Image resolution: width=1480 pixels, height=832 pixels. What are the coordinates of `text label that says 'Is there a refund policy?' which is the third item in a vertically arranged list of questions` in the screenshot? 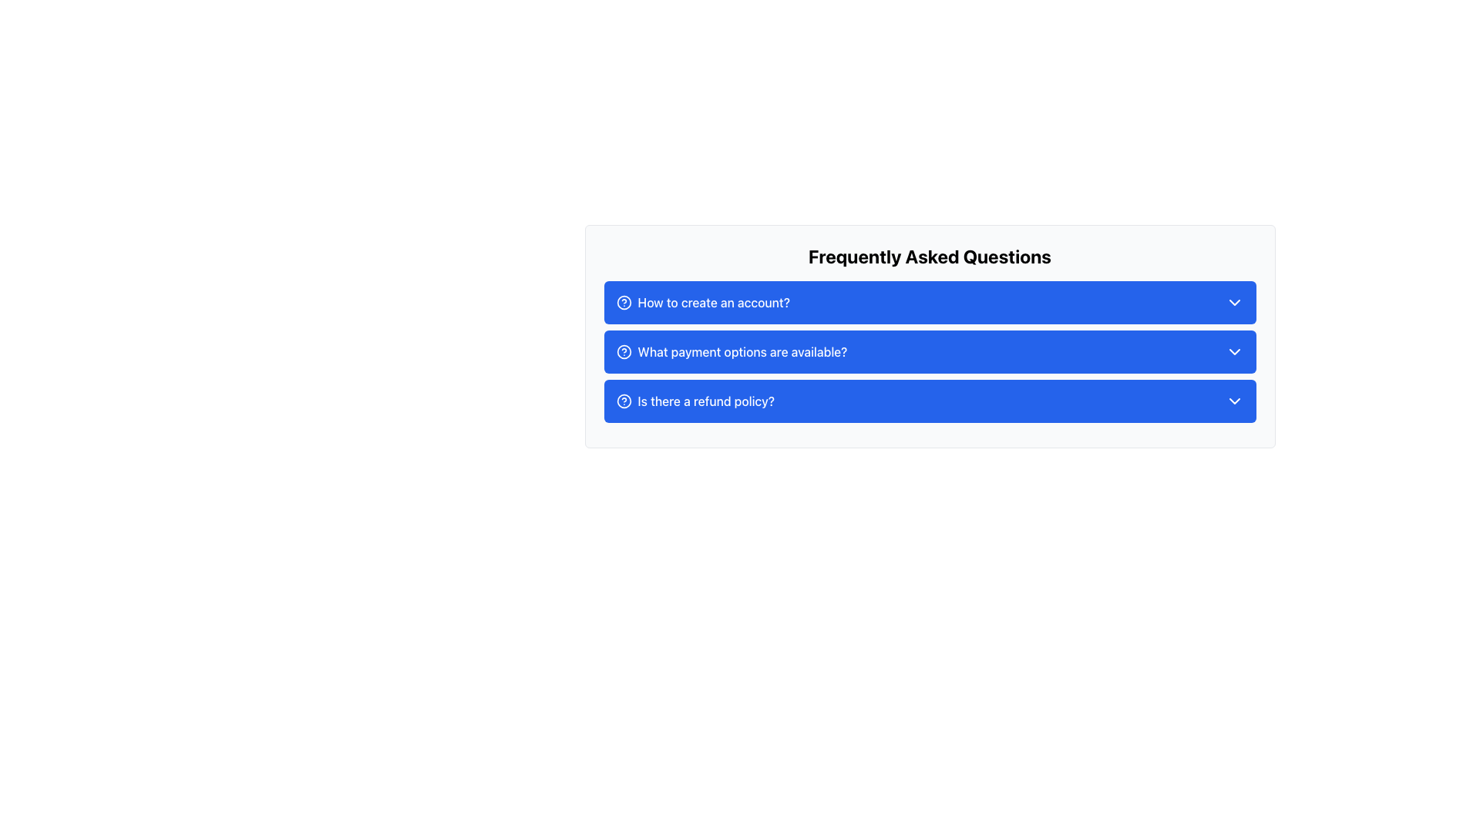 It's located at (705, 400).